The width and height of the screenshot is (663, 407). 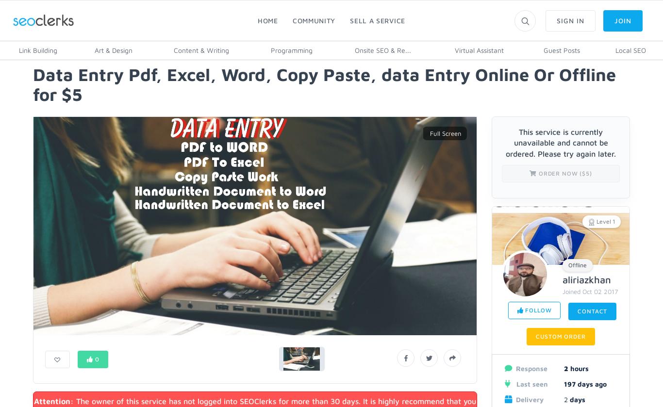 What do you see at coordinates (605, 220) in the screenshot?
I see `'Level 1'` at bounding box center [605, 220].